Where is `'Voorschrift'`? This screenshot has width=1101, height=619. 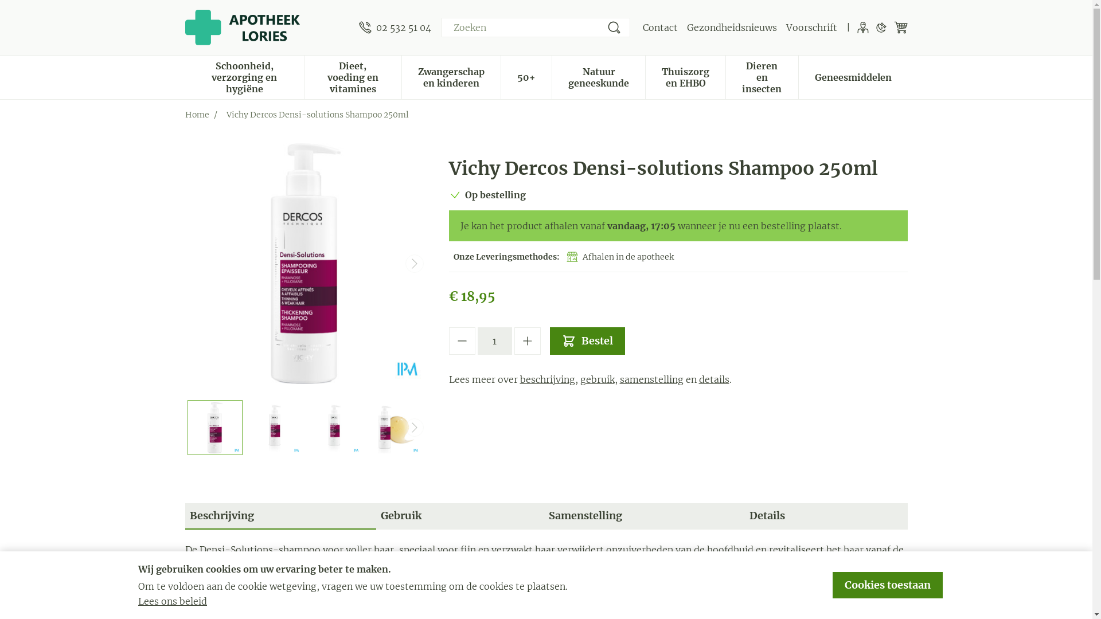 'Voorschrift' is located at coordinates (810, 26).